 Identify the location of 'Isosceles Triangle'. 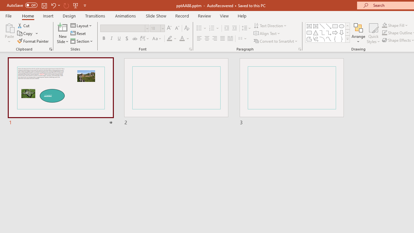
(316, 32).